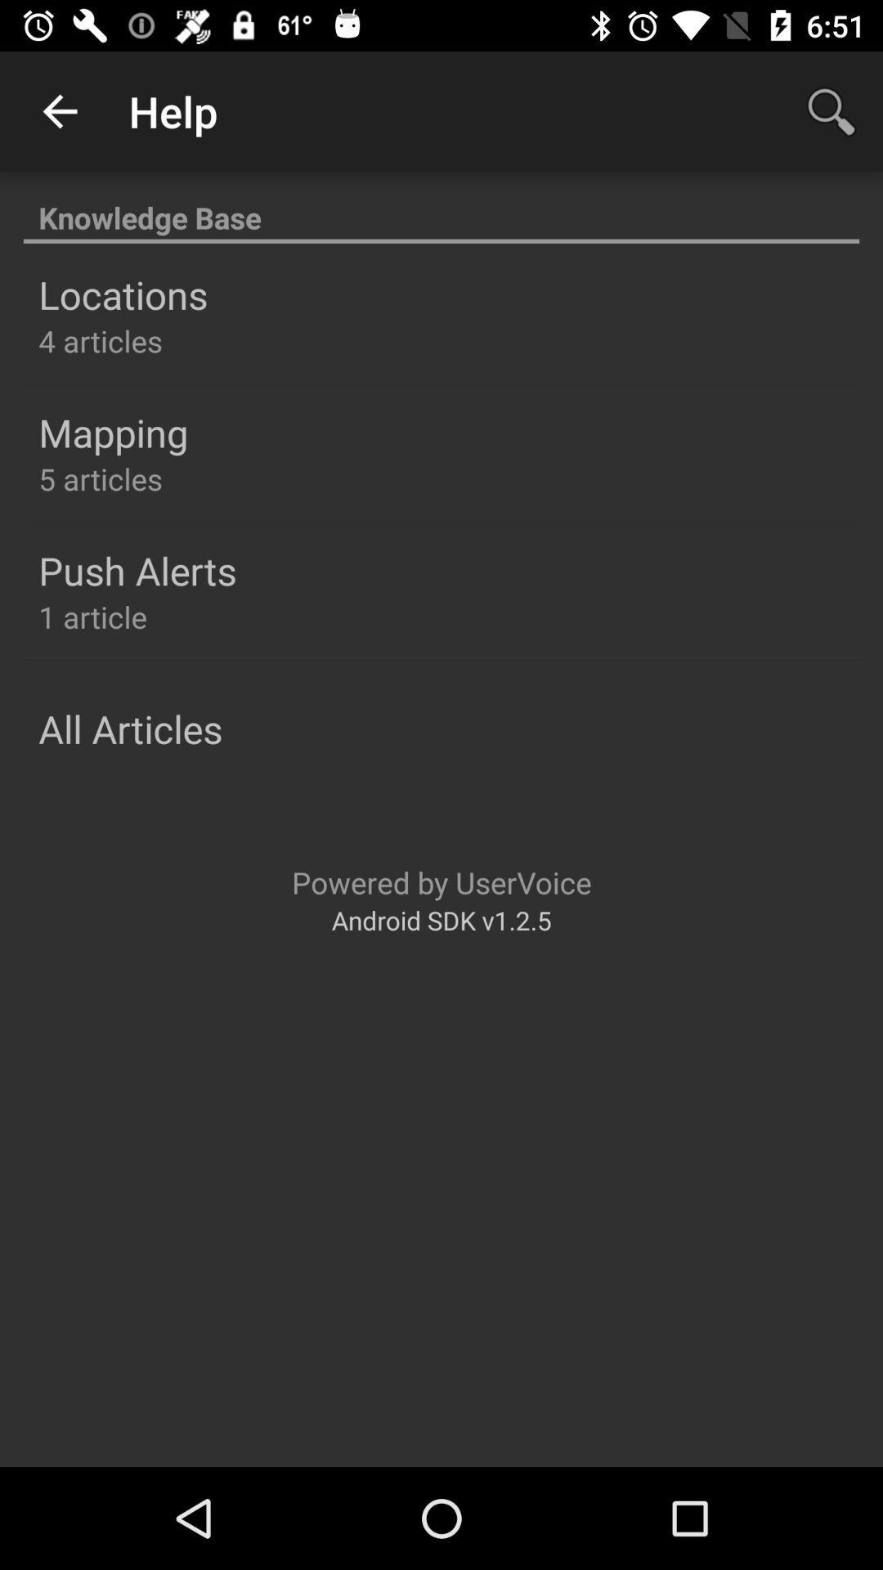 This screenshot has width=883, height=1570. What do you see at coordinates (129, 728) in the screenshot?
I see `the all articles icon` at bounding box center [129, 728].